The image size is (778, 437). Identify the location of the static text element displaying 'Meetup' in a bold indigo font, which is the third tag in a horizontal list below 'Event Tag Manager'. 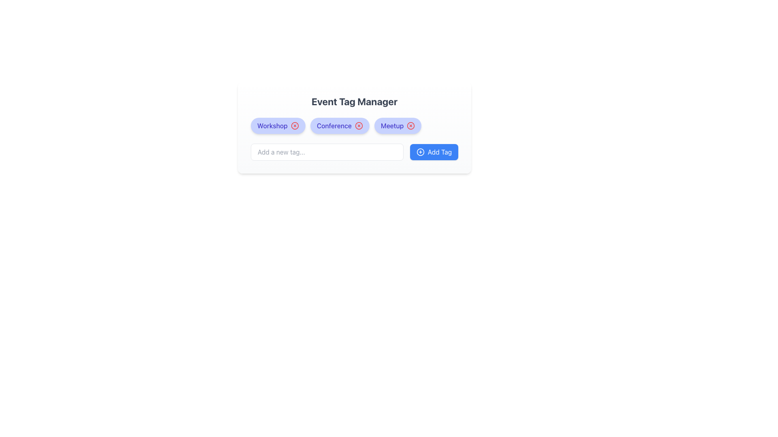
(392, 126).